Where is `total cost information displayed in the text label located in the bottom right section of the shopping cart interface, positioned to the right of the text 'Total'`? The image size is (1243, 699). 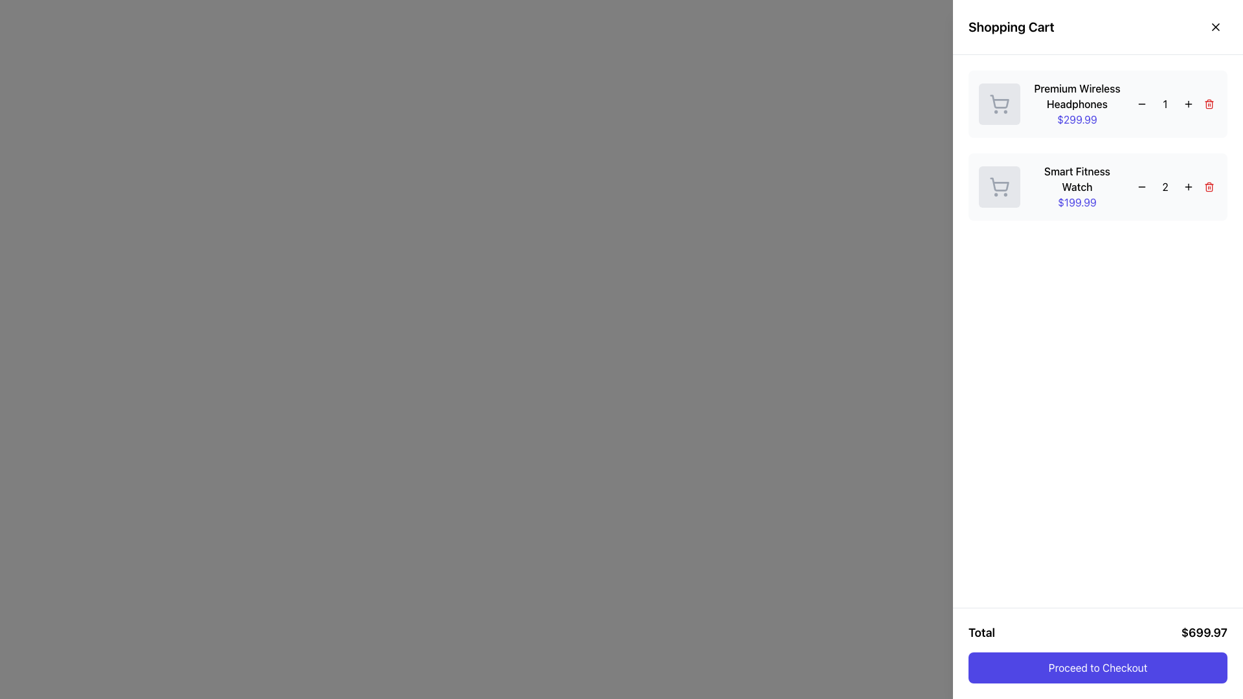
total cost information displayed in the text label located in the bottom right section of the shopping cart interface, positioned to the right of the text 'Total' is located at coordinates (1204, 632).